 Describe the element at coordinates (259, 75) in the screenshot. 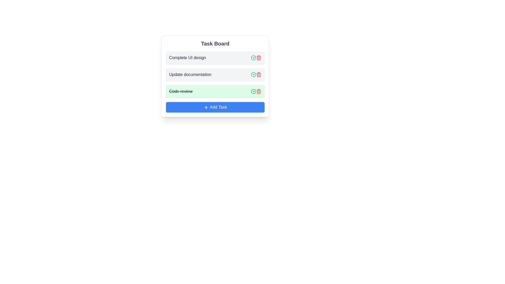

I see `the central part of the trash icon located at the right-hand side of the row for the task 'Update documentation' in the task management interface` at that location.